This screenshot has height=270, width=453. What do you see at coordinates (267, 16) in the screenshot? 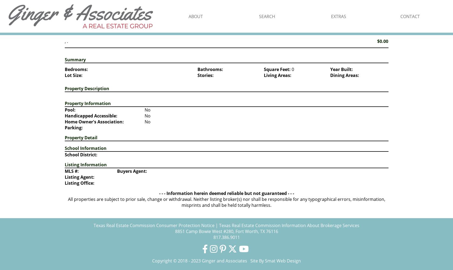
I see `'Search'` at bounding box center [267, 16].